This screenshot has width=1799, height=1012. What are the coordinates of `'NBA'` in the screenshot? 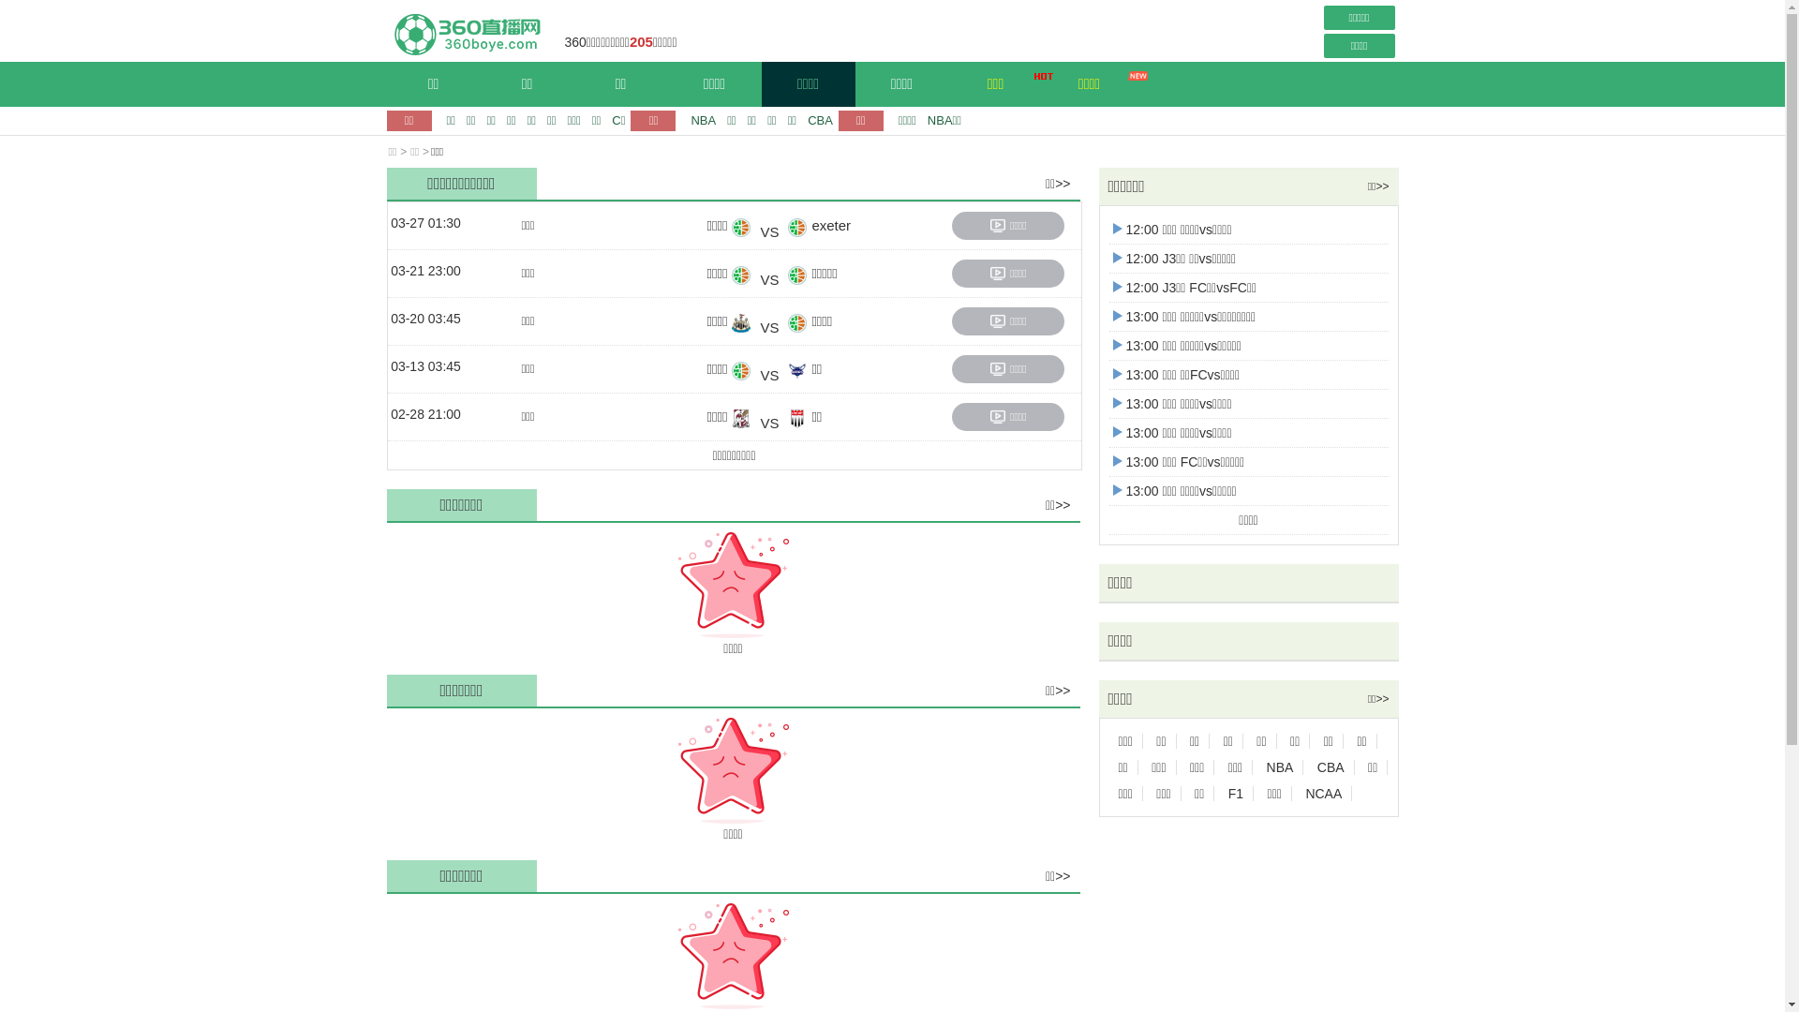 It's located at (690, 120).